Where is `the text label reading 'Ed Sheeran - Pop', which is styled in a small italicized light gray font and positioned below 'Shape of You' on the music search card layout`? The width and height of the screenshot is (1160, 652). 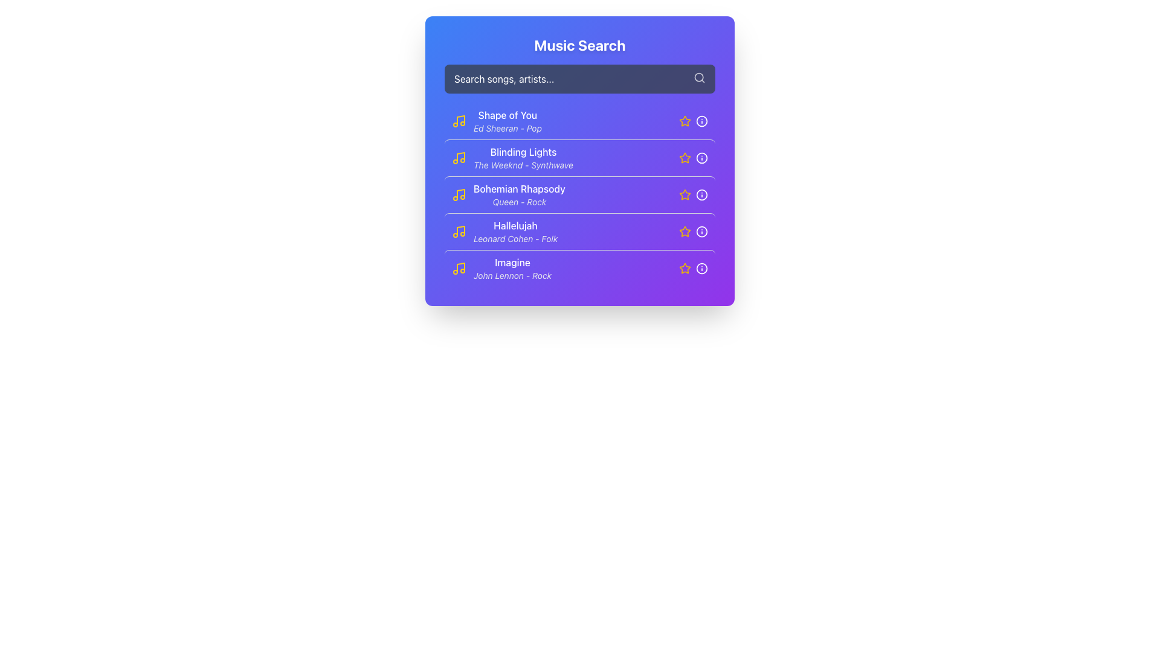 the text label reading 'Ed Sheeran - Pop', which is styled in a small italicized light gray font and positioned below 'Shape of You' on the music search card layout is located at coordinates (507, 128).